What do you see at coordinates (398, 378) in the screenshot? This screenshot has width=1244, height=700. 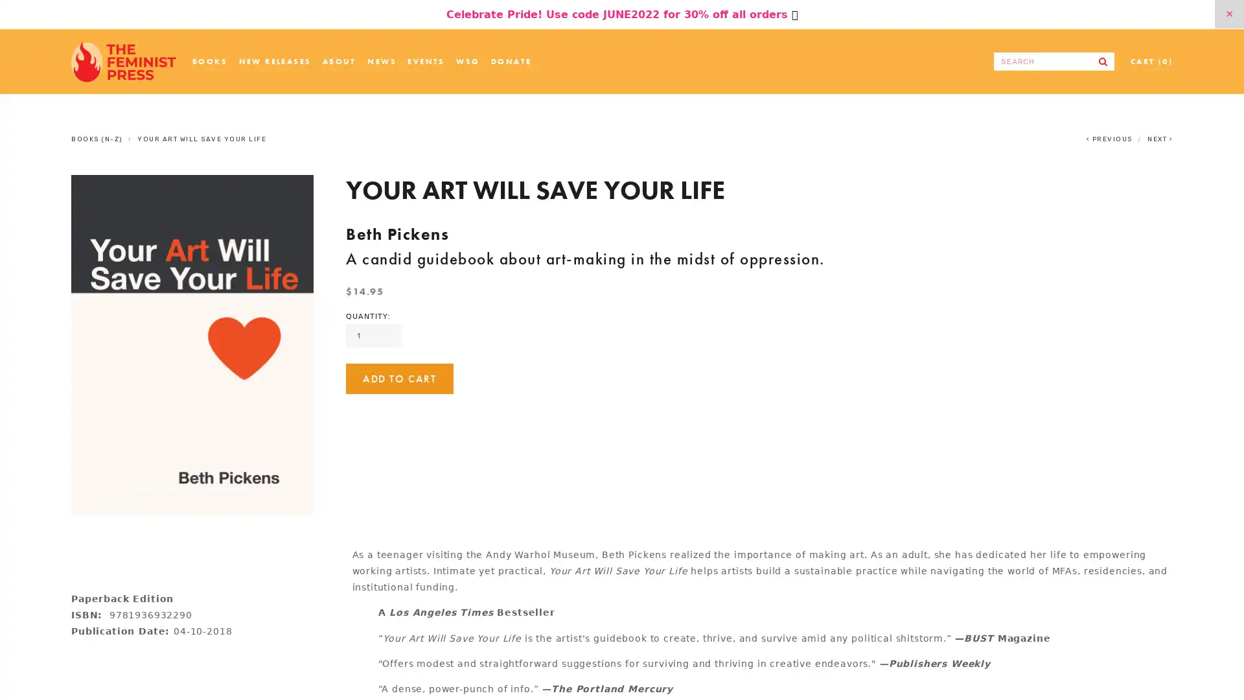 I see `ADD TO CART` at bounding box center [398, 378].